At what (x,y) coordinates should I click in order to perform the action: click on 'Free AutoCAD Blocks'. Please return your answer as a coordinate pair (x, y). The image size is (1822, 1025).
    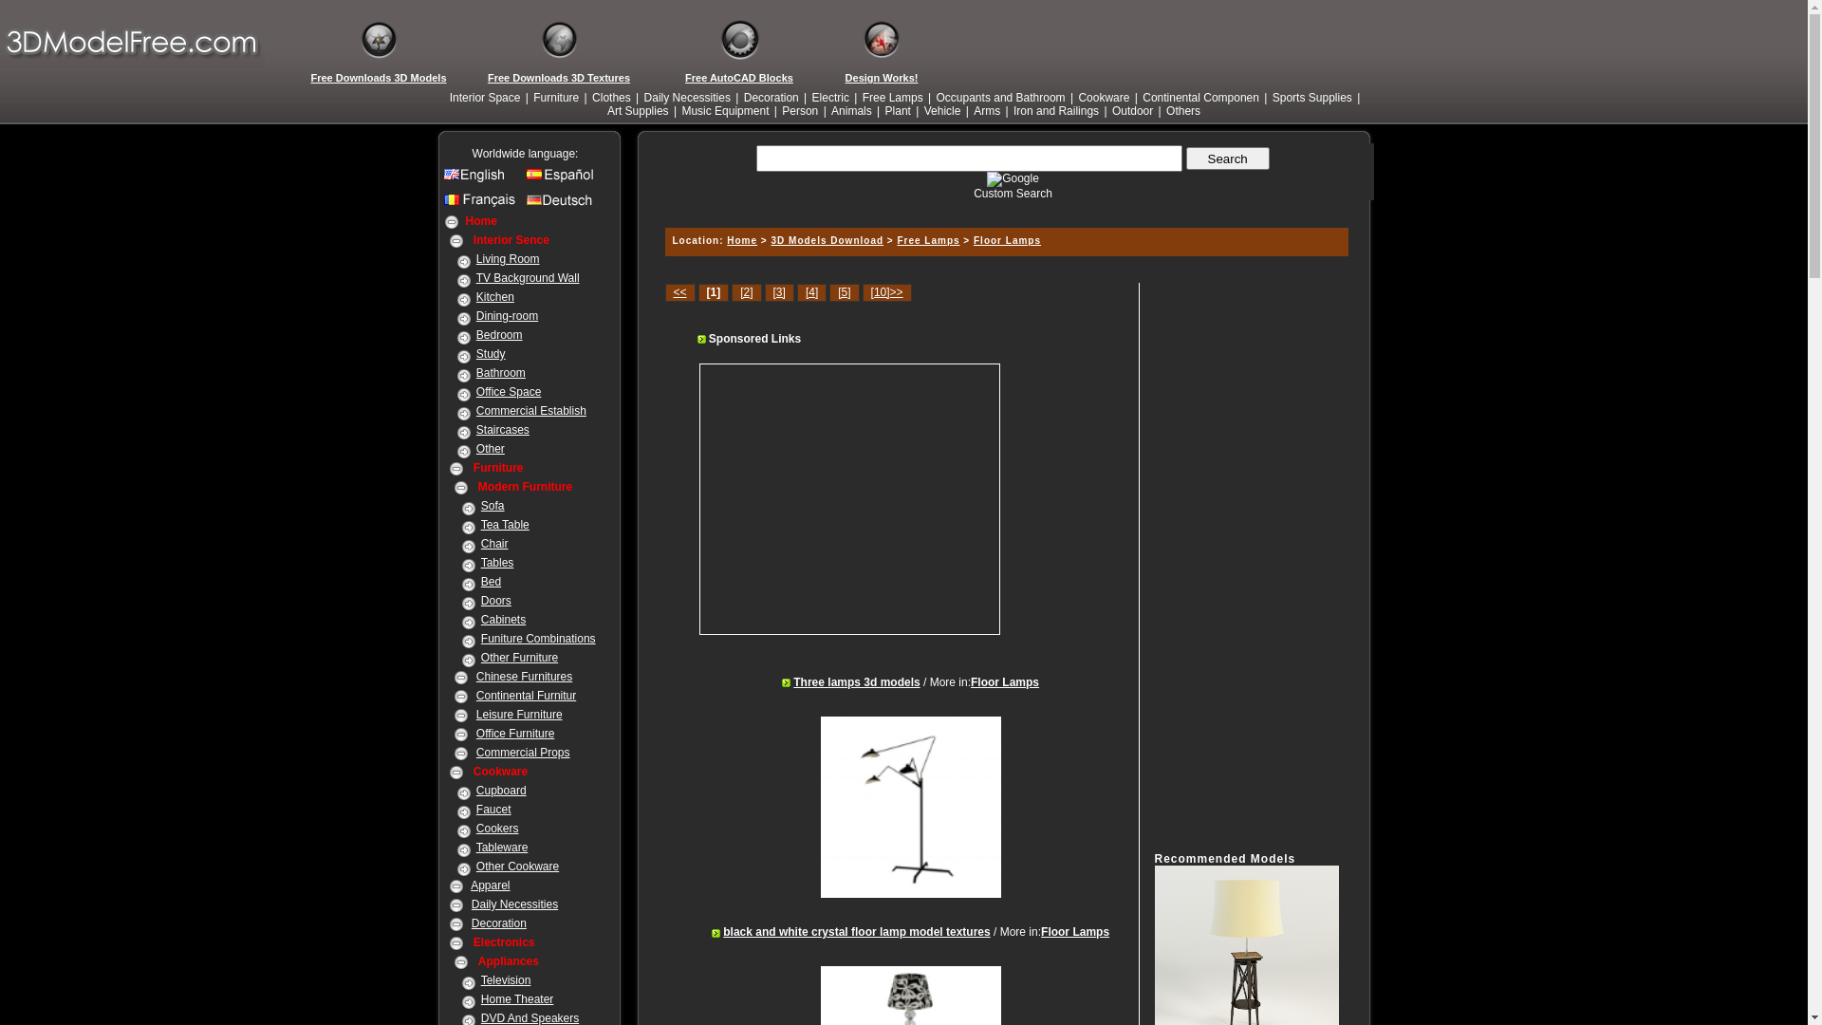
    Looking at the image, I should click on (737, 76).